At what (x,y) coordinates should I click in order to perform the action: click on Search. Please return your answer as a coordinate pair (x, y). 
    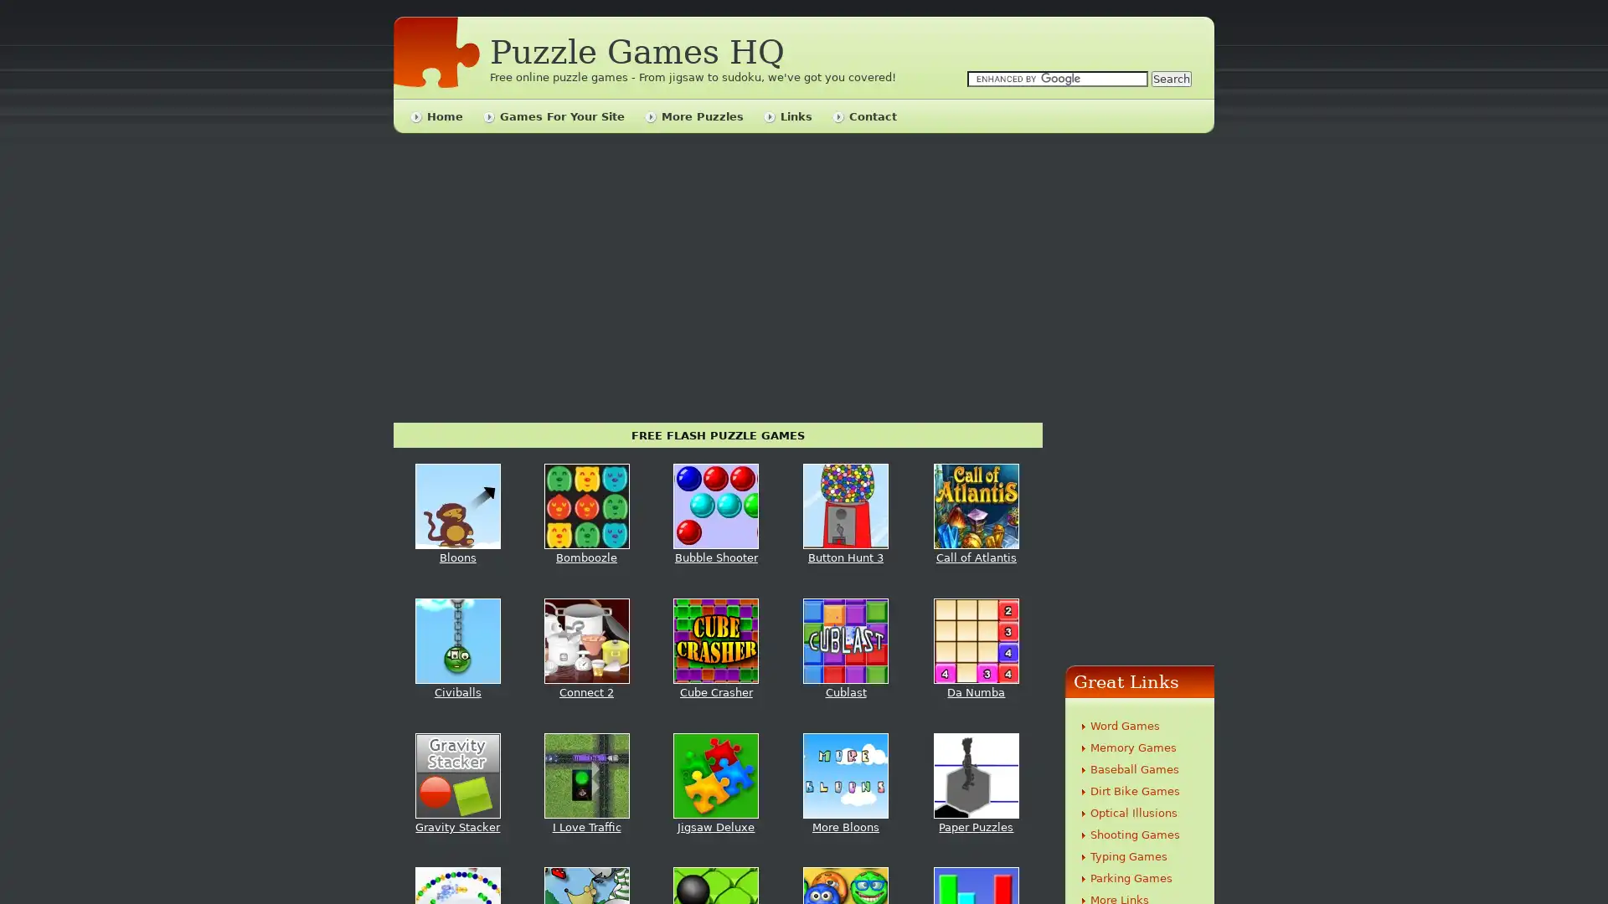
    Looking at the image, I should click on (1170, 79).